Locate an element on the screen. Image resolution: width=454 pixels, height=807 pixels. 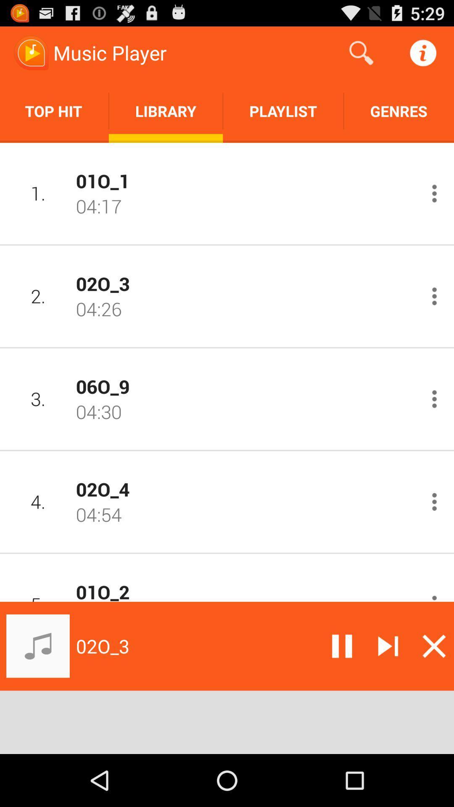
more information is located at coordinates (434, 296).